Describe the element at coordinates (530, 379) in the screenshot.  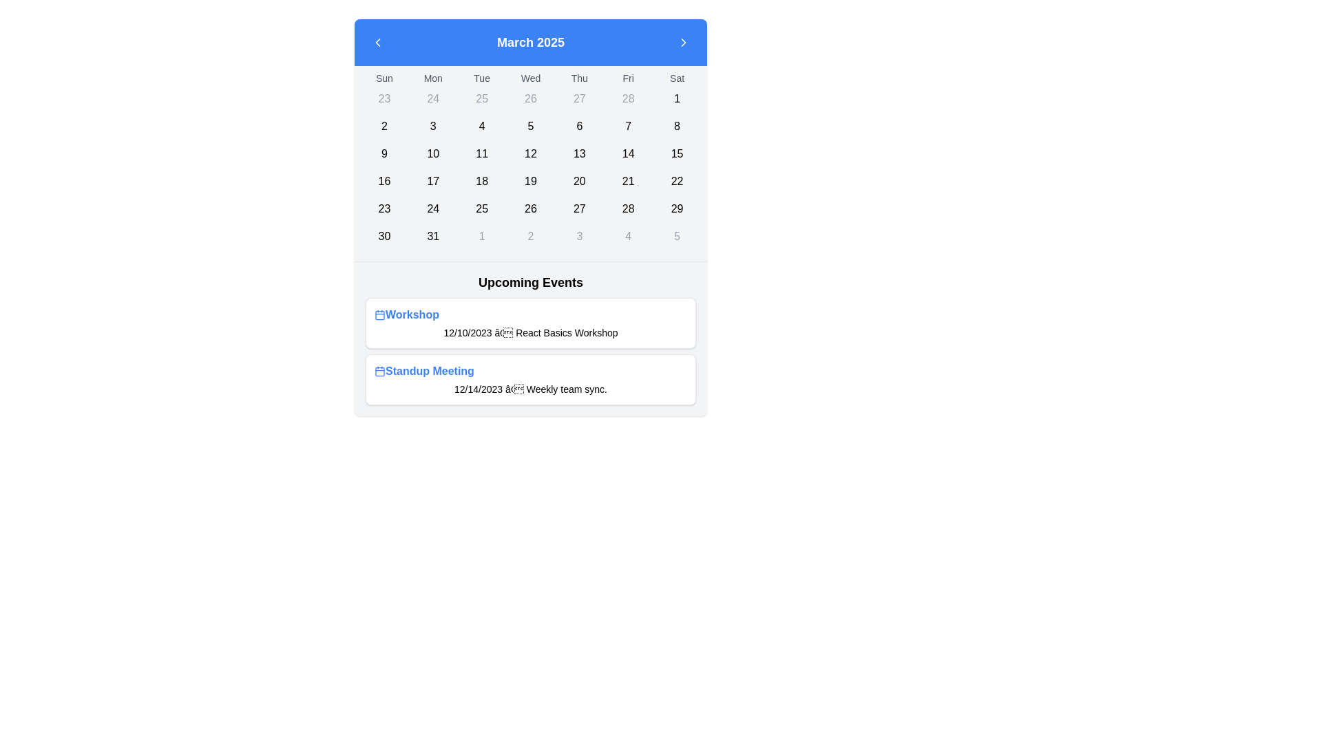
I see `the 'Standup Meeting' card` at that location.